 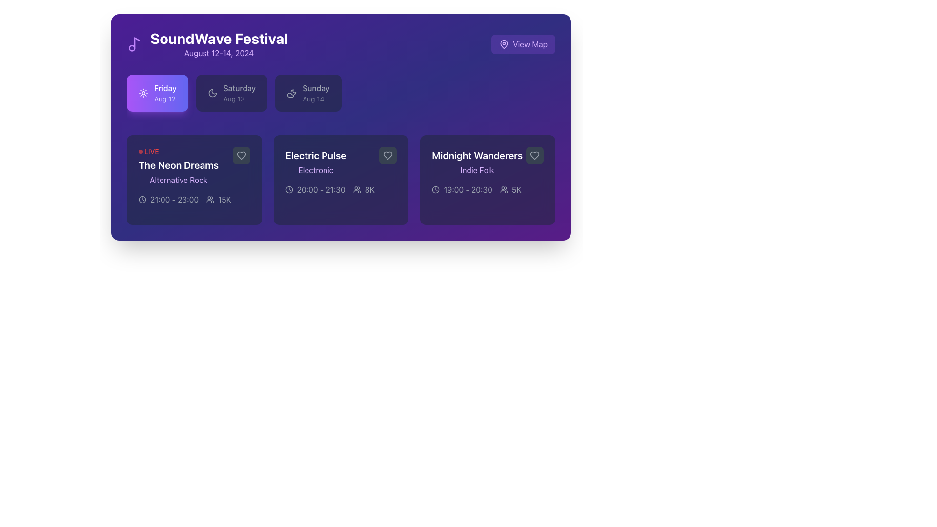 I want to click on the heart-shaped icon located at the top-right corner of the 'Electric Pulse' event card to mark or unmark it as a favorite, so click(x=387, y=155).